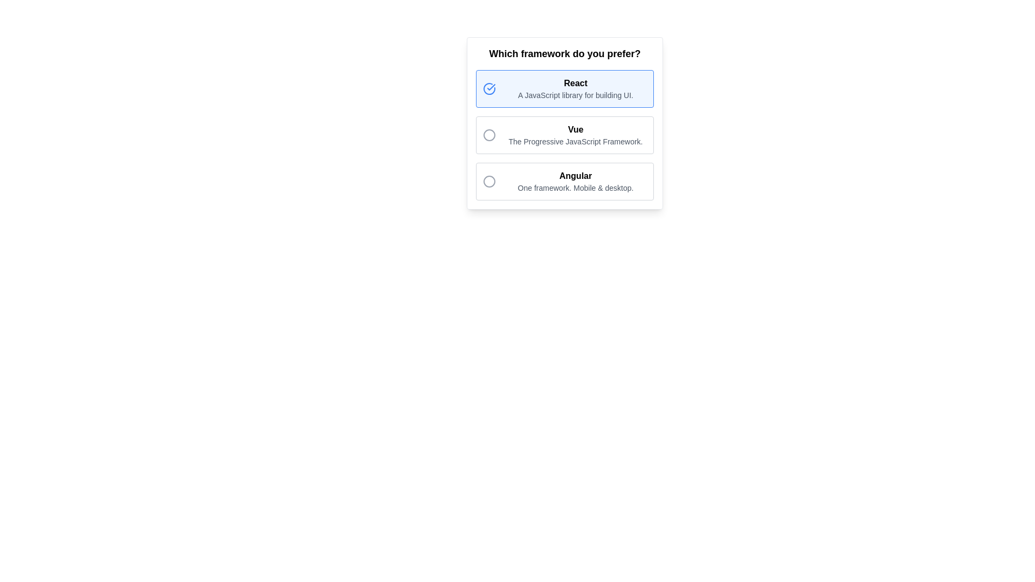 This screenshot has height=582, width=1035. Describe the element at coordinates (488, 181) in the screenshot. I see `the radio button for the 'Angular' framework option` at that location.